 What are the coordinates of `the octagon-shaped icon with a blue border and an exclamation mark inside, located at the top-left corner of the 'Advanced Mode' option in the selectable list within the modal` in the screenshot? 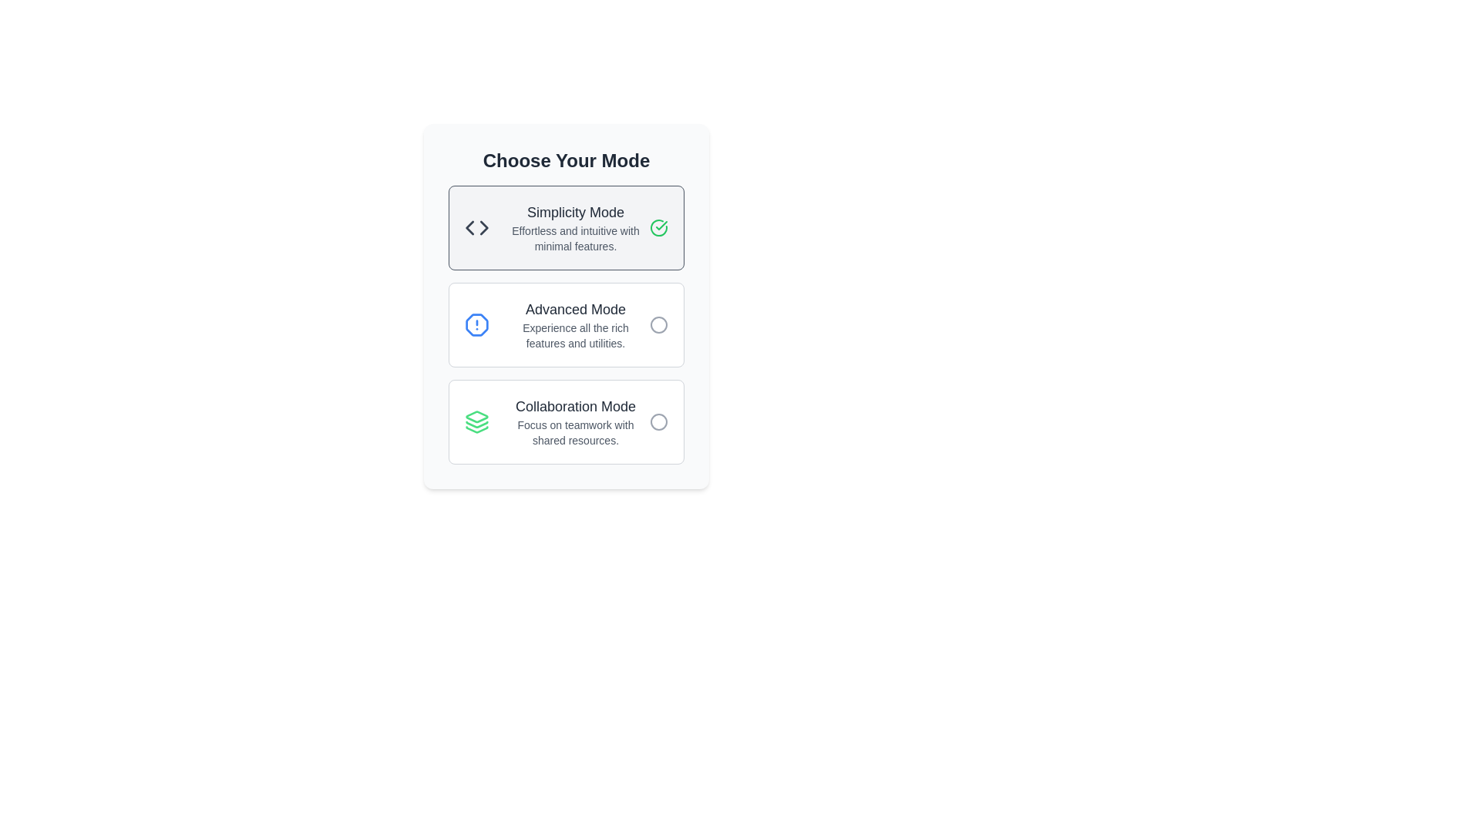 It's located at (476, 324).